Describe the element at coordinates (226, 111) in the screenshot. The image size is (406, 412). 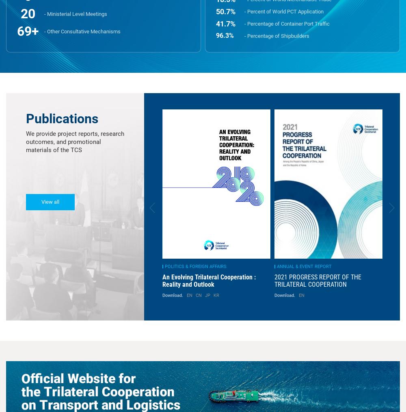
I see `'15,343'` at that location.